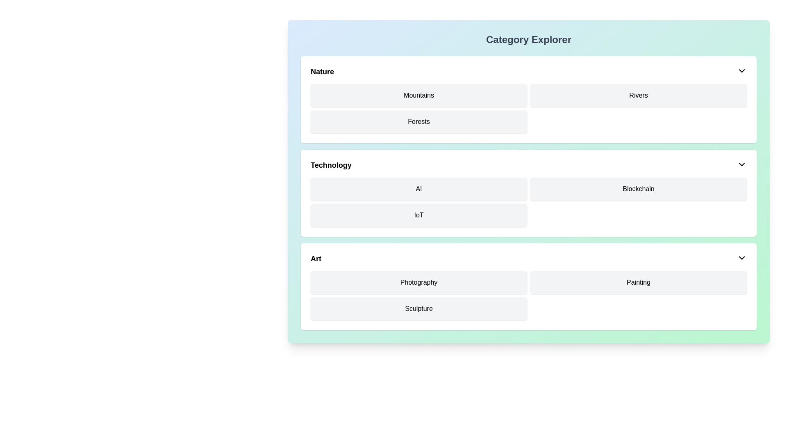  What do you see at coordinates (742, 257) in the screenshot?
I see `the downward-pointing chevron icon with a black stroke located at the top-right corner of the 'Art' section header` at bounding box center [742, 257].